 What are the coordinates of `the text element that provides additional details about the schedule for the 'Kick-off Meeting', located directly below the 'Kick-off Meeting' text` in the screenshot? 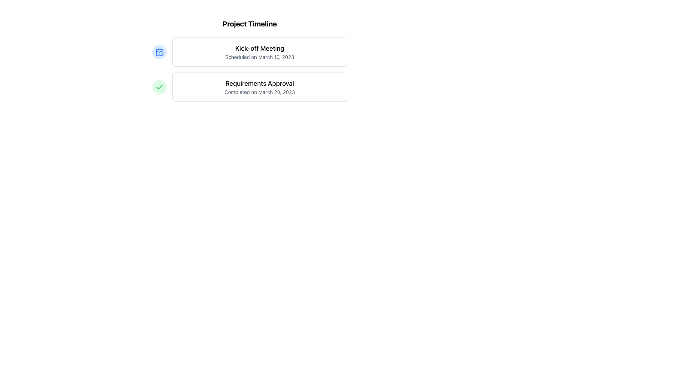 It's located at (259, 56).